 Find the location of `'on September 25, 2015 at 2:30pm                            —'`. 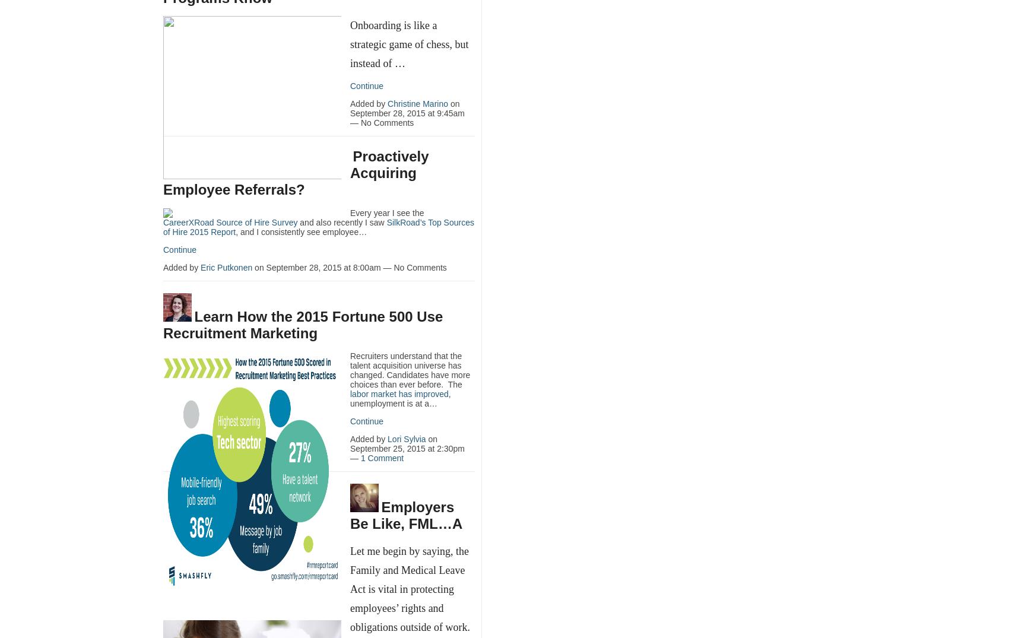

'on September 25, 2015 at 2:30pm                            —' is located at coordinates (407, 449).